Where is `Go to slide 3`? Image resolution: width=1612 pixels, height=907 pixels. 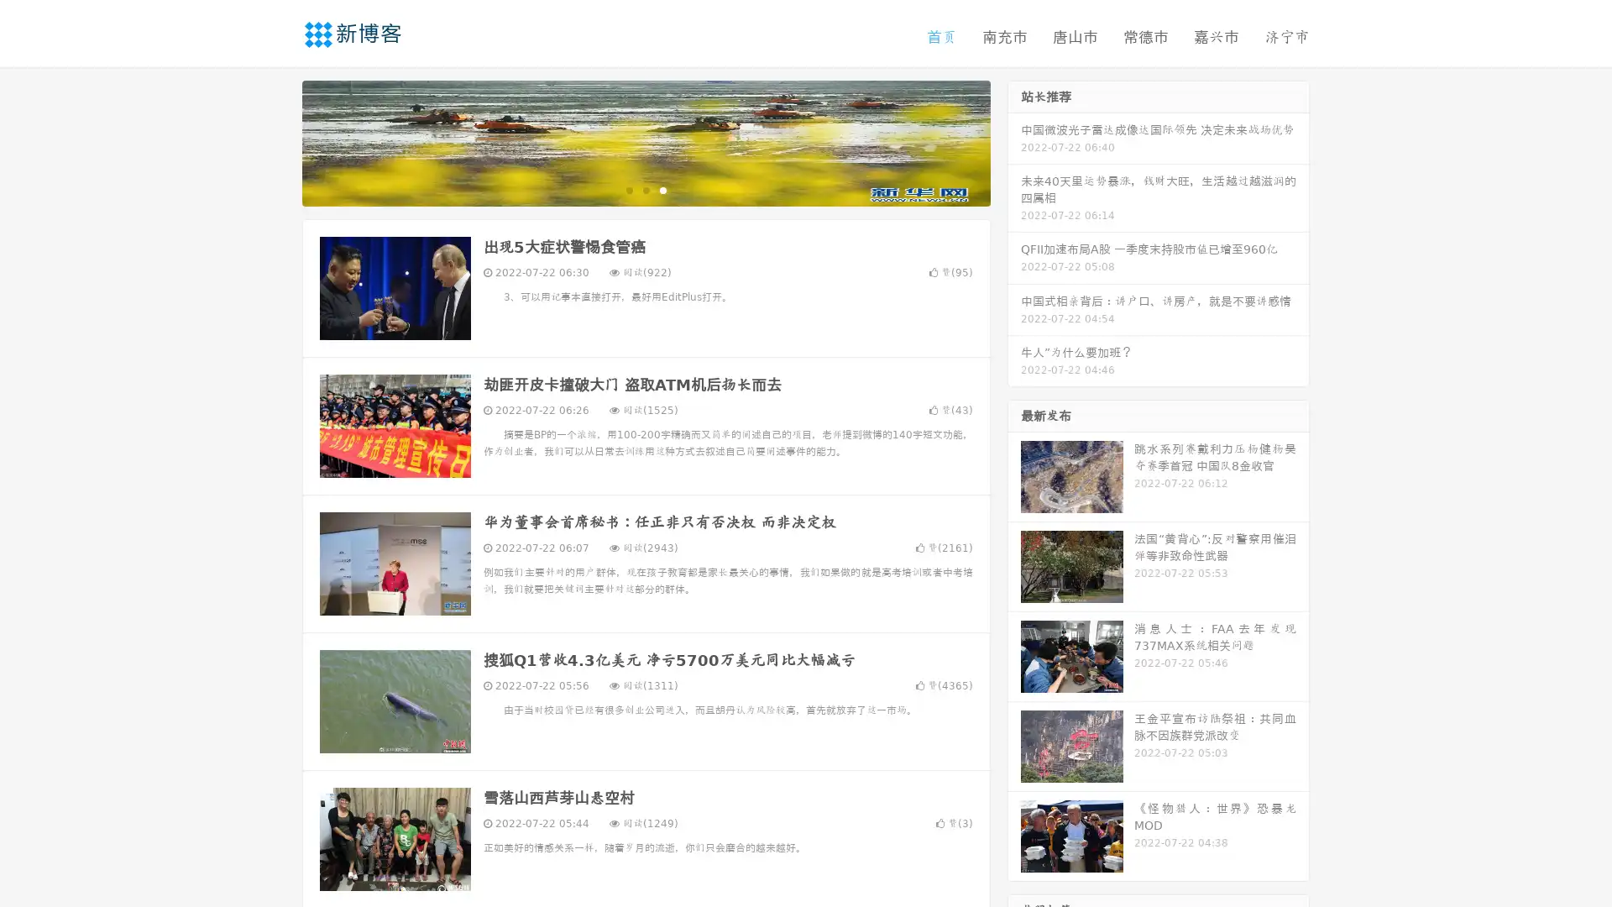
Go to slide 3 is located at coordinates (662, 189).